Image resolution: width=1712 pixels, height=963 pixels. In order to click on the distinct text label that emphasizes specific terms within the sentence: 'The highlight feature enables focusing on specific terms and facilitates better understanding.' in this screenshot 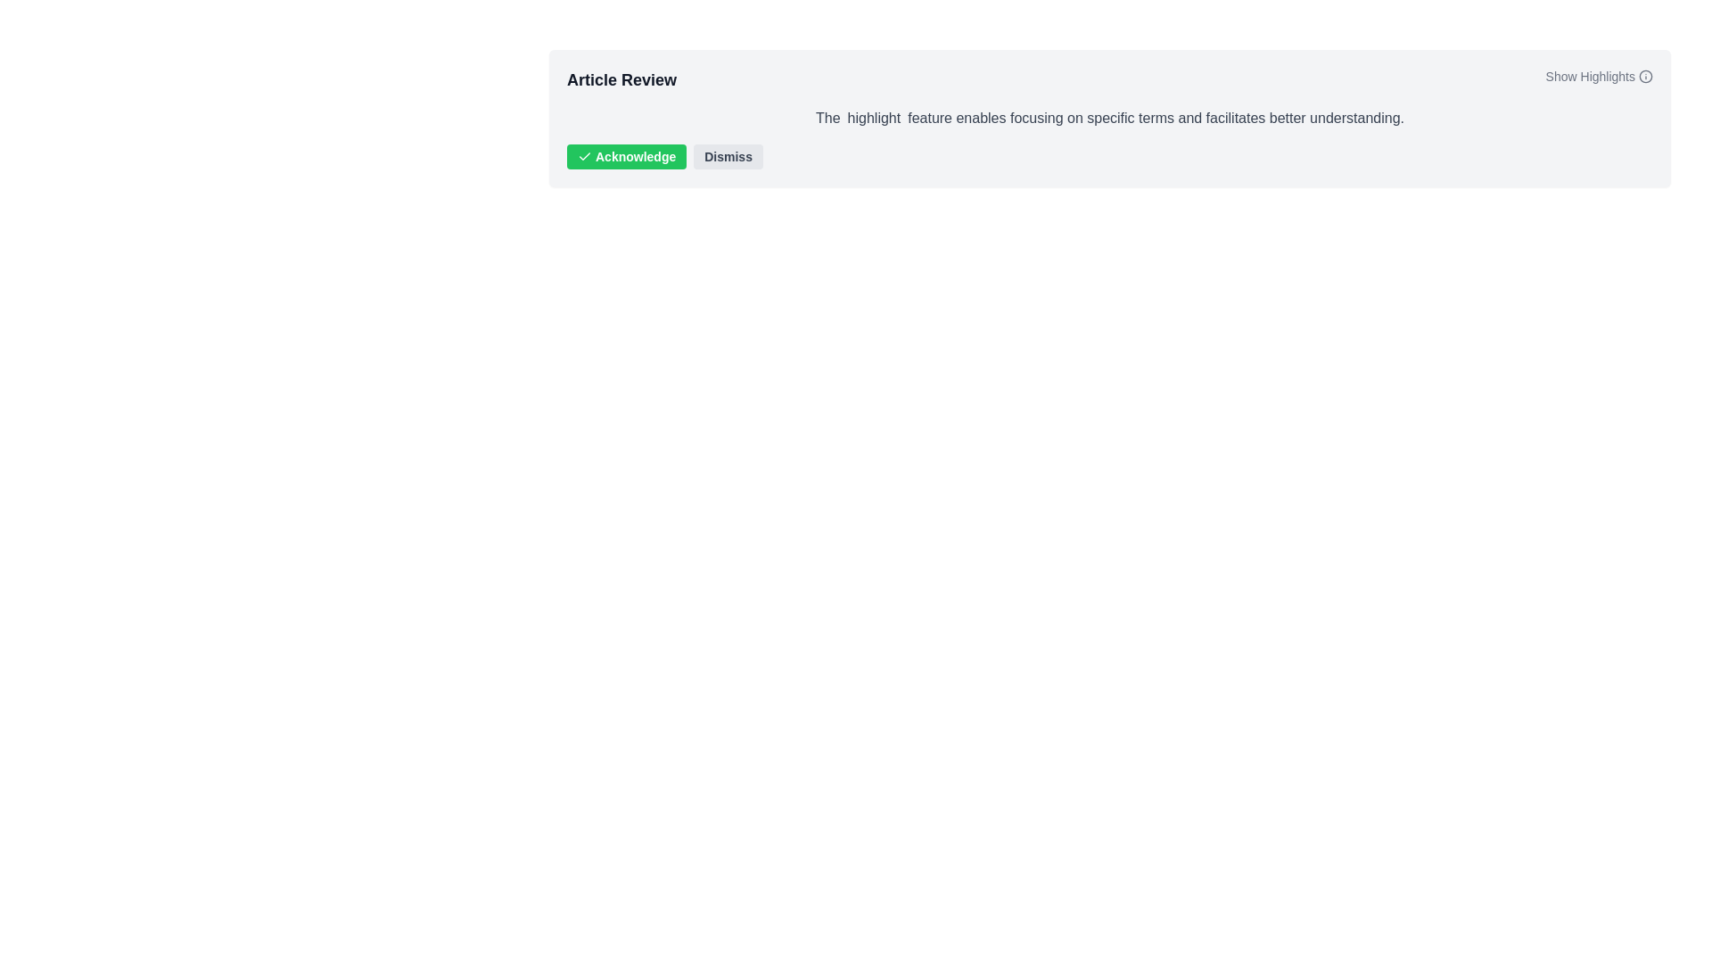, I will do `click(874, 118)`.